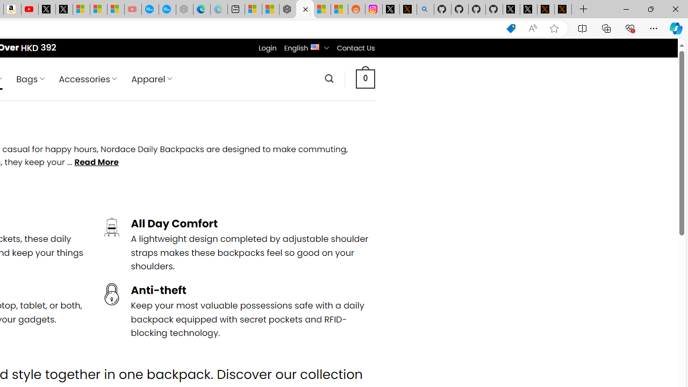 The height and width of the screenshot is (387, 688). I want to click on 'Gloom - YouTube - Sleeping', so click(132, 9).